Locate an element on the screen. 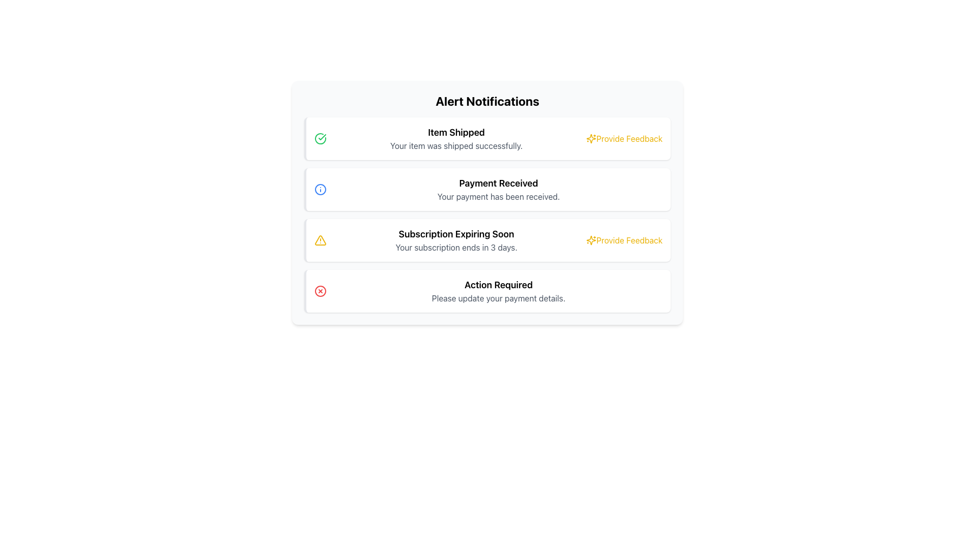  text from the fourth message panel in the notification panel, which has a red left border and white background, indicating the need to update payment details is located at coordinates (498, 291).